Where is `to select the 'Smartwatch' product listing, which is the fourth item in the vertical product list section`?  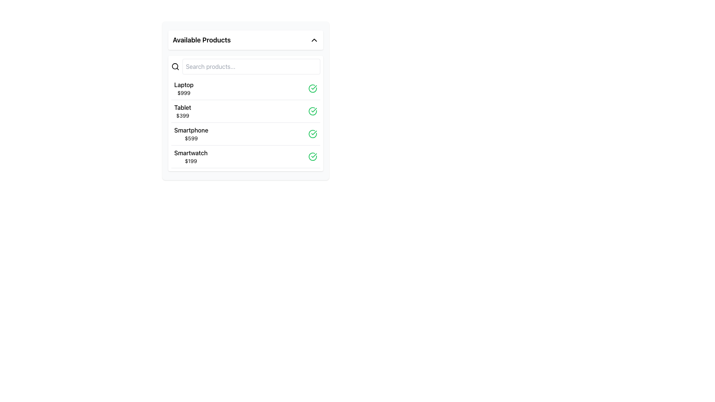
to select the 'Smartwatch' product listing, which is the fourth item in the vertical product list section is located at coordinates (246, 156).